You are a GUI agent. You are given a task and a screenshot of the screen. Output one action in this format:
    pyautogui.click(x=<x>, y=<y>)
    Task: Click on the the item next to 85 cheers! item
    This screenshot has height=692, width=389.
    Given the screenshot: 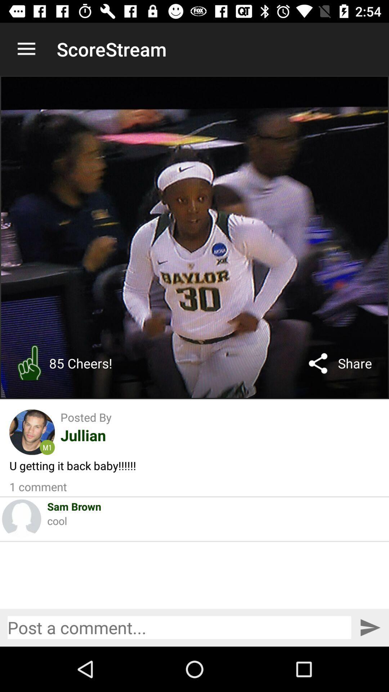 What is the action you would take?
    pyautogui.click(x=29, y=363)
    